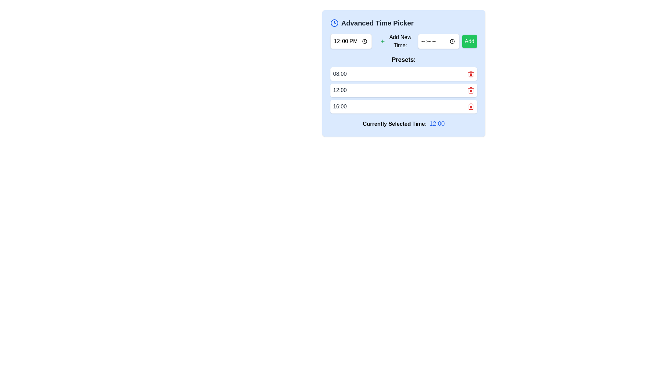 This screenshot has height=367, width=652. Describe the element at coordinates (428, 41) in the screenshot. I see `the 'Add' button in the Grouped component that allows users to input and add a new time to a list or schedule` at that location.